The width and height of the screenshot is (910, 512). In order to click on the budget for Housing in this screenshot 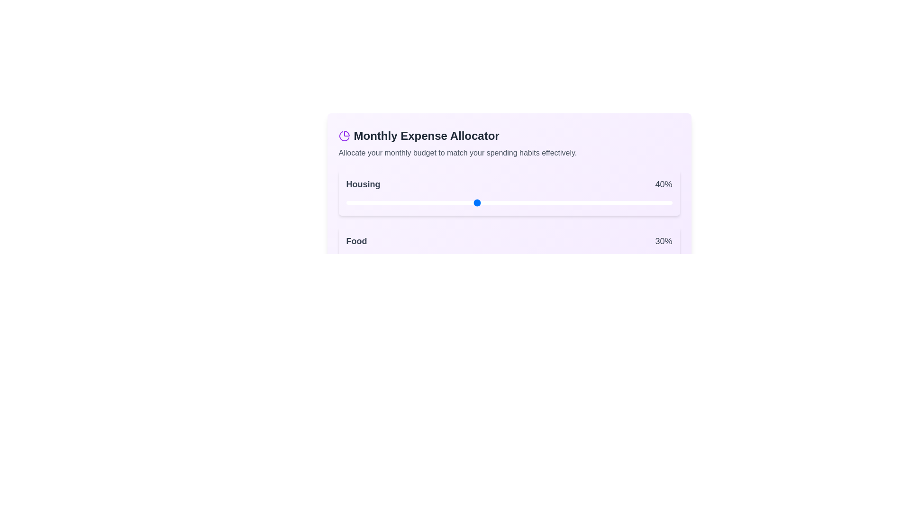, I will do `click(391, 202)`.